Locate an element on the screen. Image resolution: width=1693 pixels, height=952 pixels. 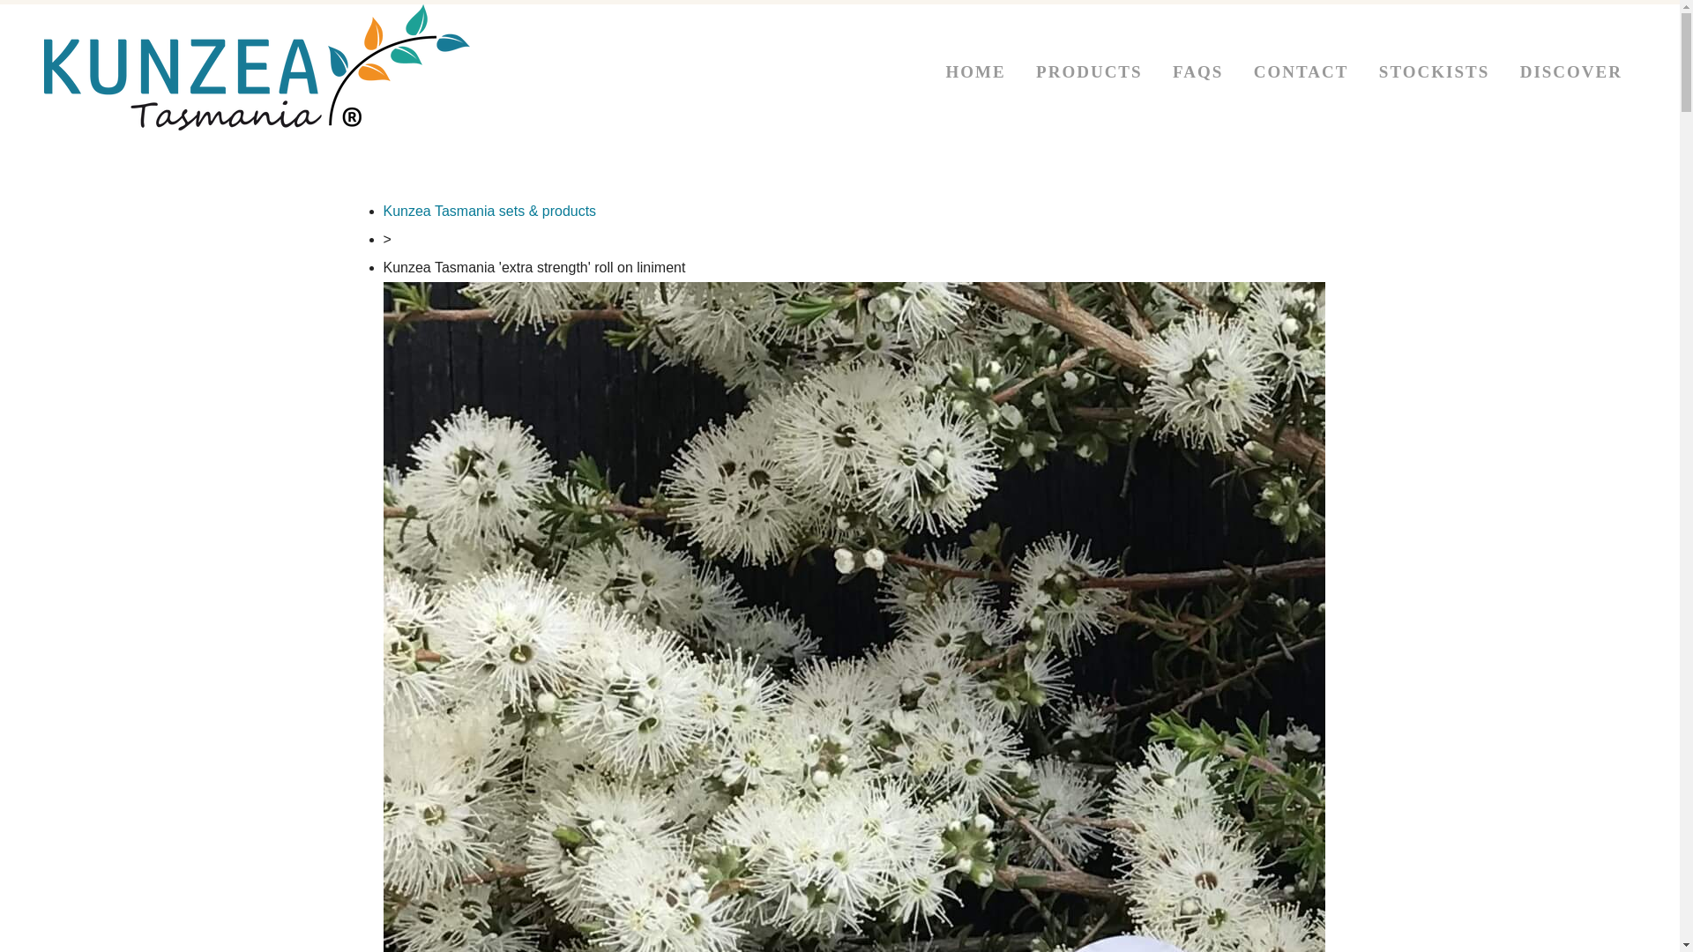
'Kunzea Tasmania sets & products' is located at coordinates (489, 210).